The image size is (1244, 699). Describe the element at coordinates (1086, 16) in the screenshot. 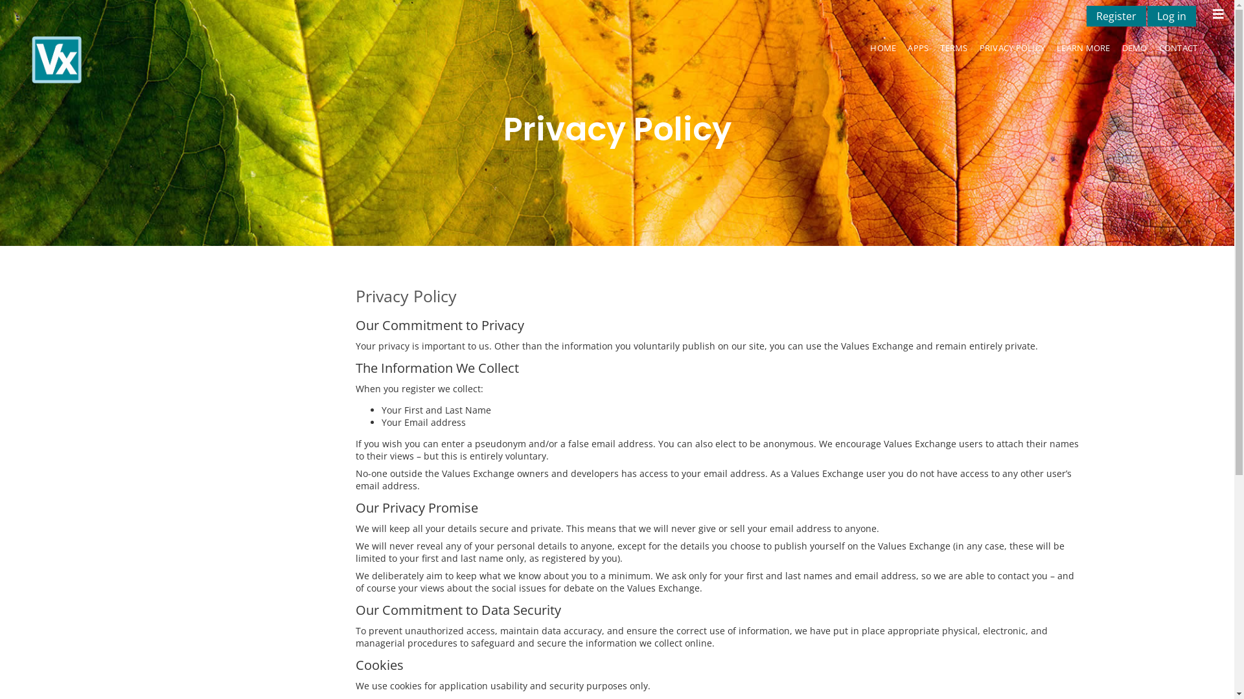

I see `'Register'` at that location.